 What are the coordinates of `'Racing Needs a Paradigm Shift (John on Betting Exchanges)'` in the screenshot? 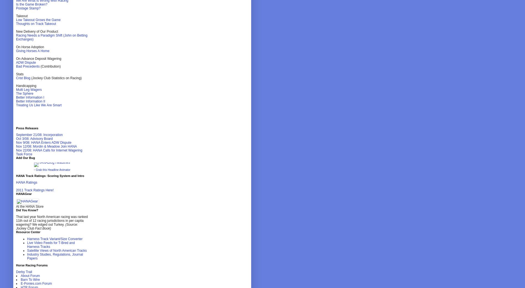 It's located at (51, 37).